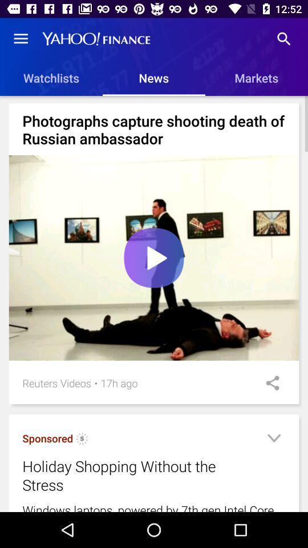 The width and height of the screenshot is (308, 548). Describe the element at coordinates (273, 440) in the screenshot. I see `down` at that location.